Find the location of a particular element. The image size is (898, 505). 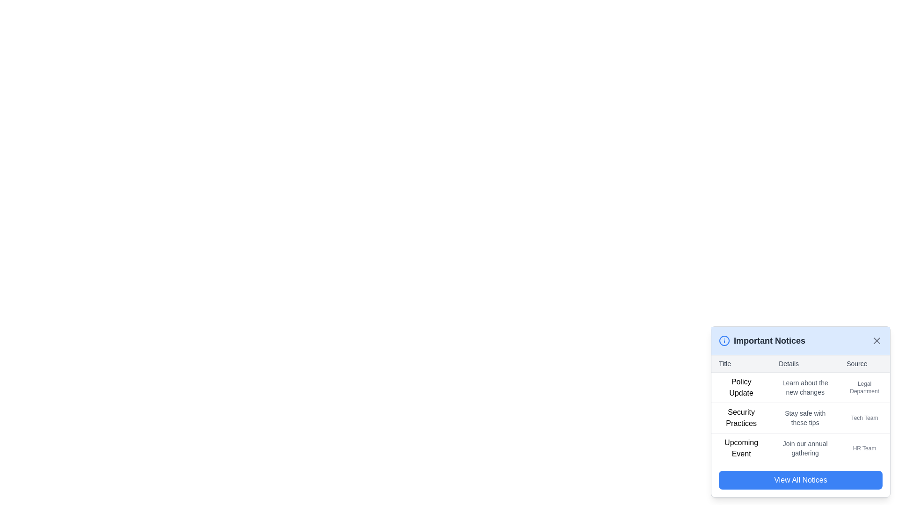

the button located at the top-right corner of the 'Important Notices' section to change its color is located at coordinates (876, 341).